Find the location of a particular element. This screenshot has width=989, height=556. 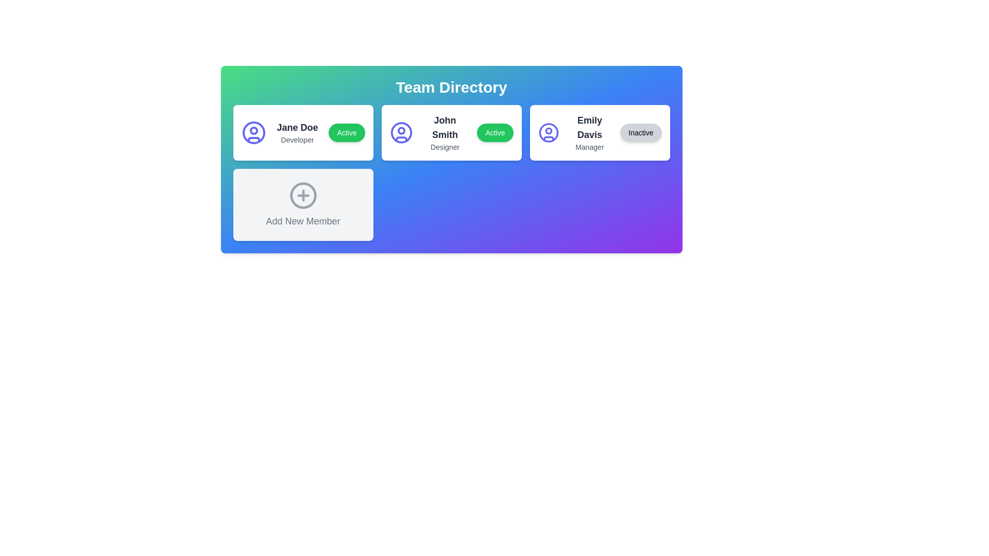

the button located at the top-right corner of Emily Davis's user information card, which currently indicates 'Inactive', to change the user's status is located at coordinates (640, 132).